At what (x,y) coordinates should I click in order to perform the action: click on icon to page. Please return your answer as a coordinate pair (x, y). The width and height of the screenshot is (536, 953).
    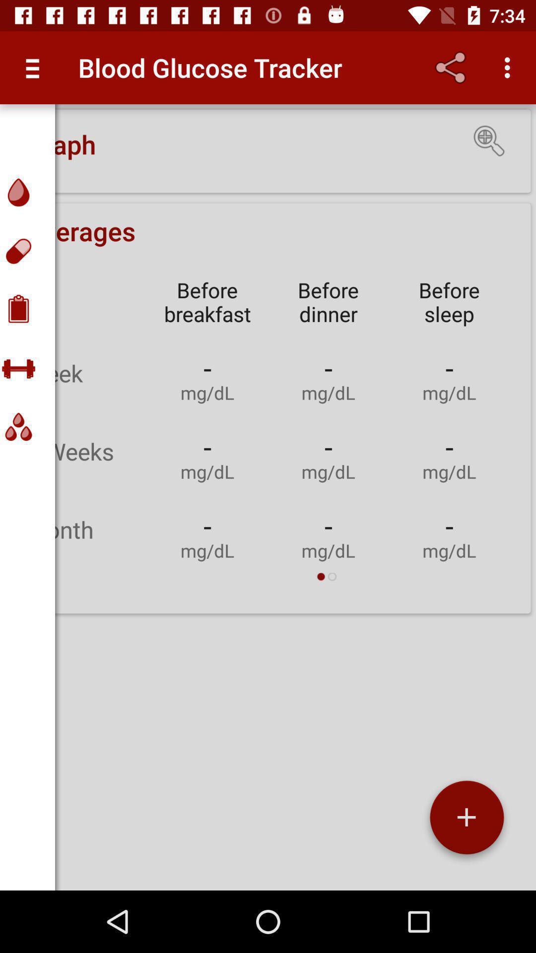
    Looking at the image, I should click on (467, 821).